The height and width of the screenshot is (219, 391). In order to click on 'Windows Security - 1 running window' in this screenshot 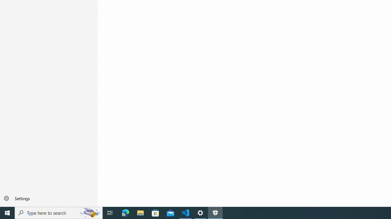, I will do `click(215, 212)`.